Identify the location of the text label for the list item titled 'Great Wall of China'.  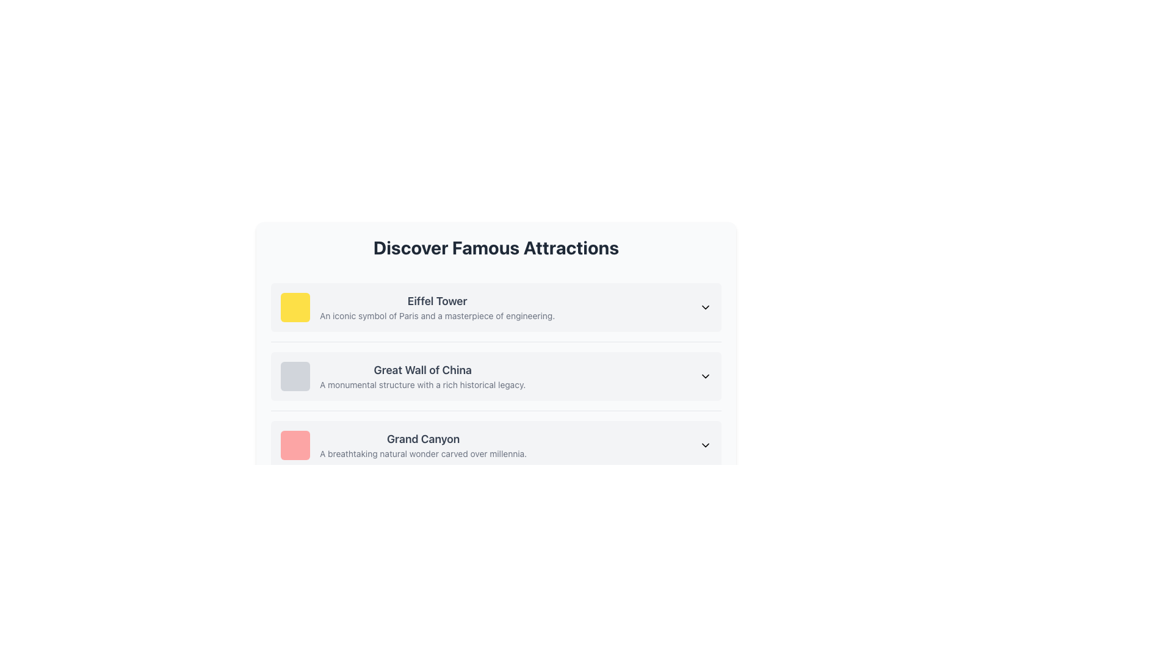
(422, 369).